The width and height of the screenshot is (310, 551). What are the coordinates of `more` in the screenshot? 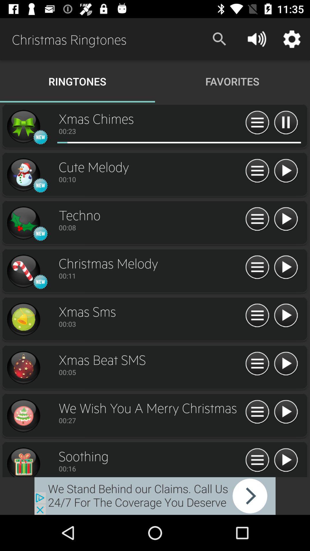 It's located at (257, 412).